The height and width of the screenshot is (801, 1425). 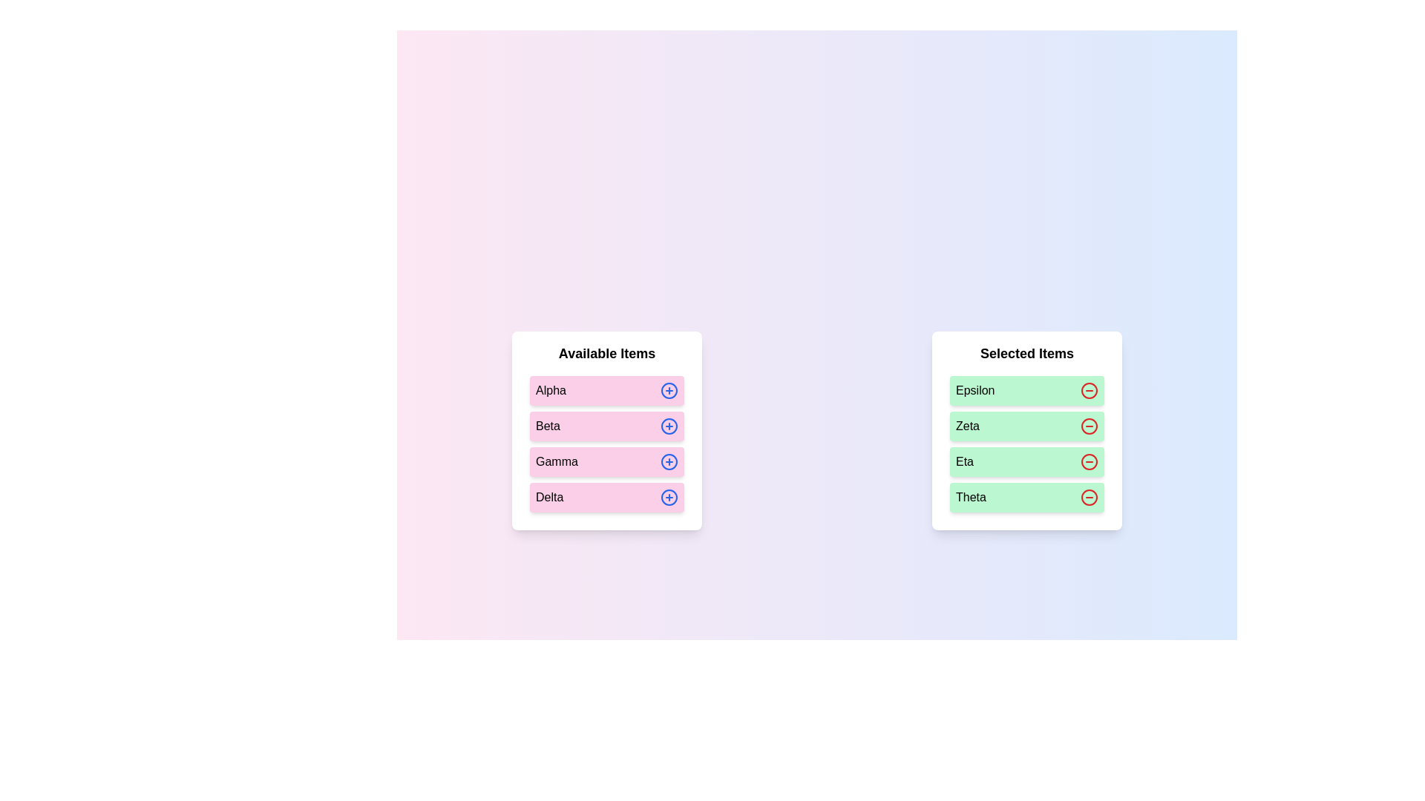 I want to click on plus icon next to the item Alpha in the 'Available Items' list to move it to the 'Selected Items' list, so click(x=669, y=390).